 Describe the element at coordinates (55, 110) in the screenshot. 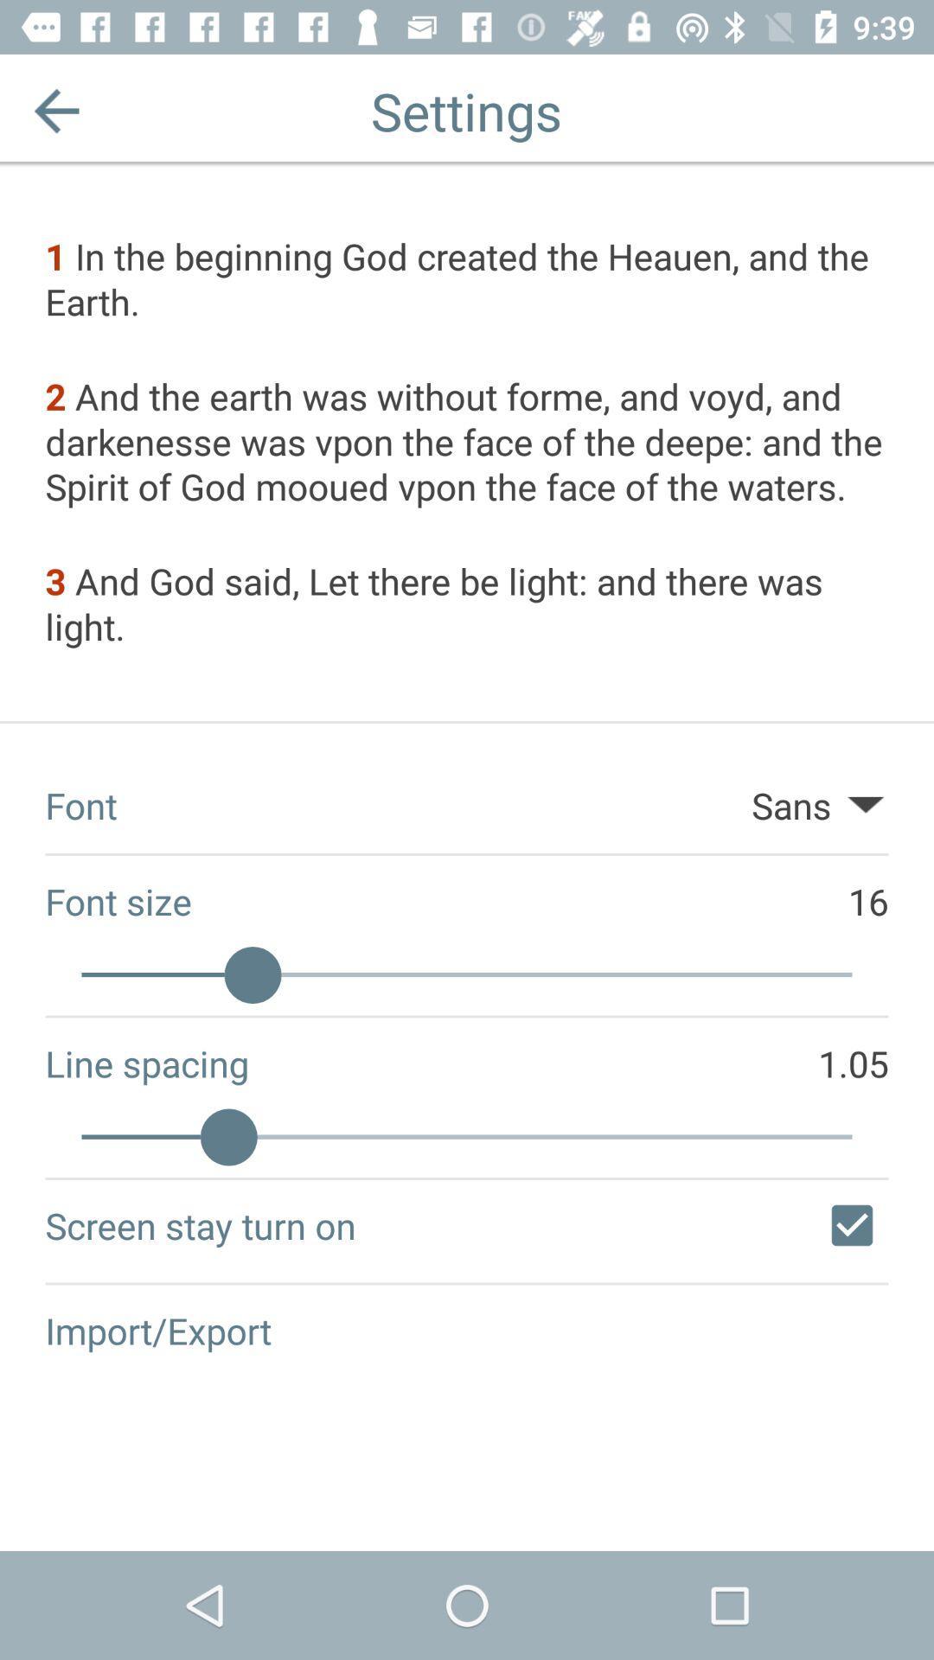

I see `the item at the top left corner` at that location.